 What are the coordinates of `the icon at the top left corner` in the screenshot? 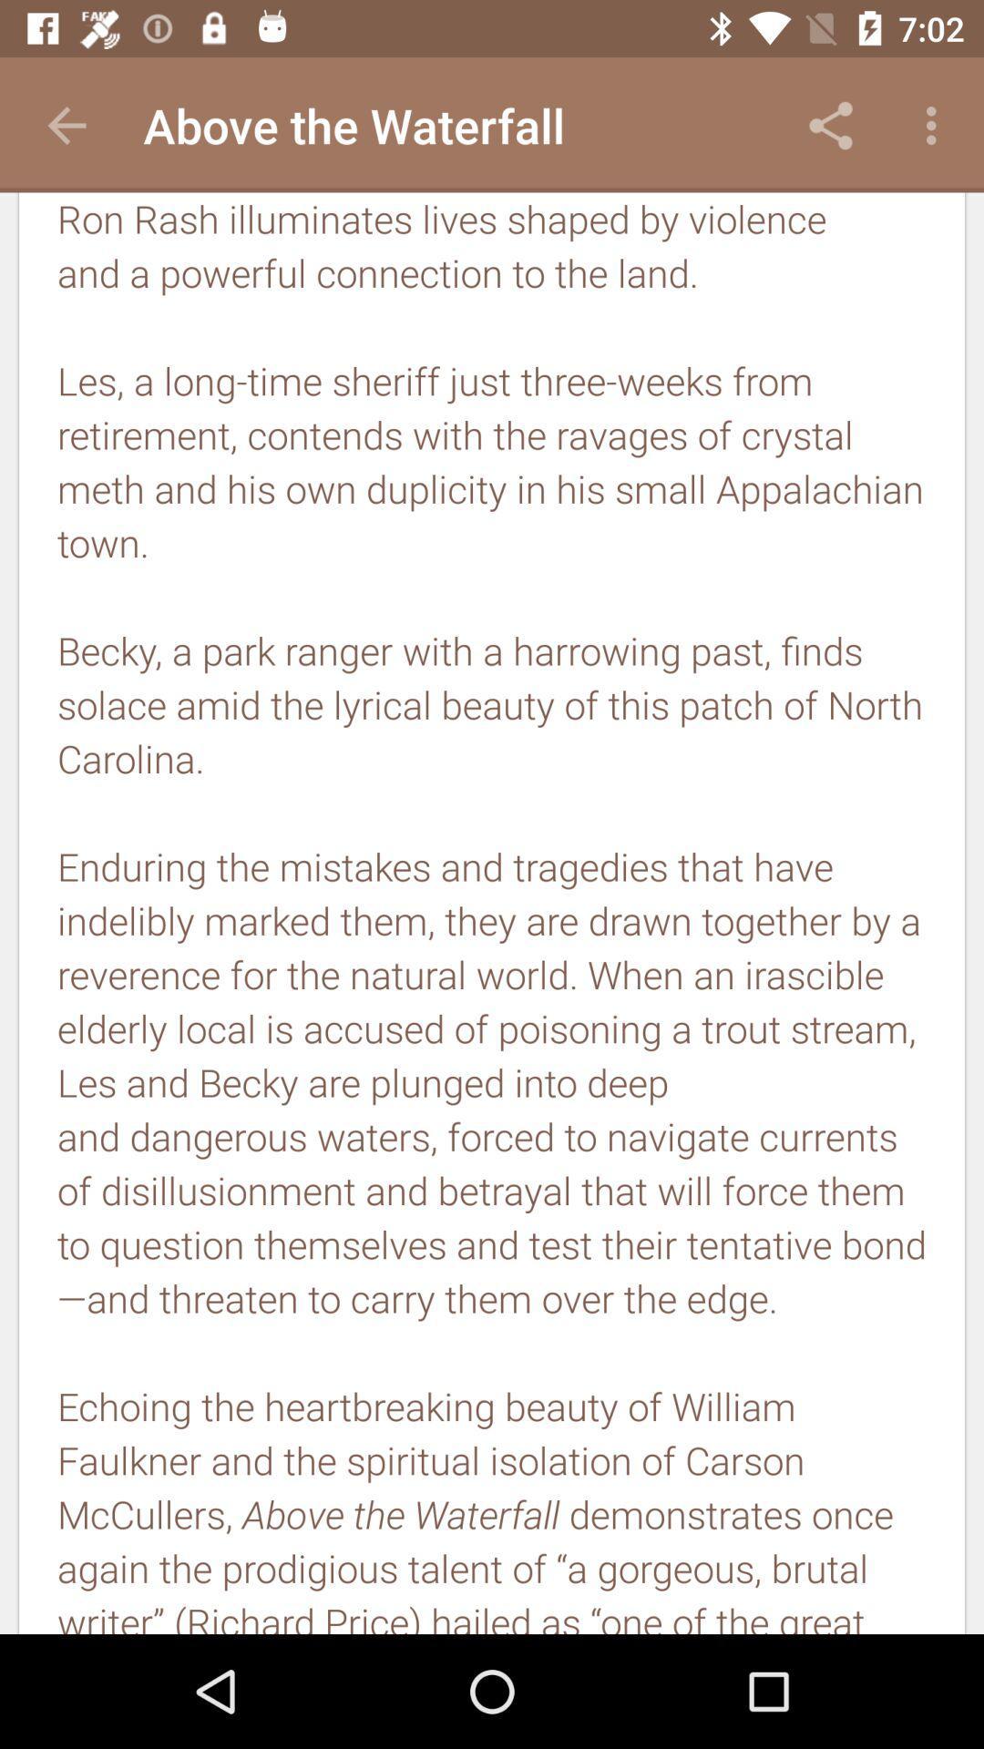 It's located at (66, 125).